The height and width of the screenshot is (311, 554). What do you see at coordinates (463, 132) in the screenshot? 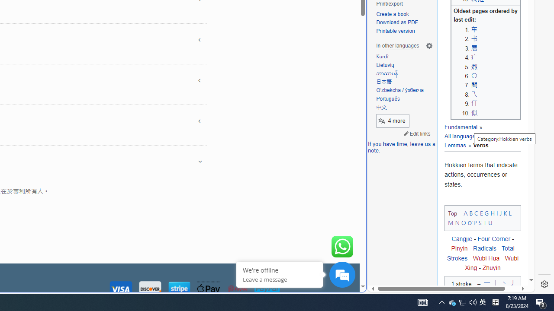
I see `'All languages'` at bounding box center [463, 132].